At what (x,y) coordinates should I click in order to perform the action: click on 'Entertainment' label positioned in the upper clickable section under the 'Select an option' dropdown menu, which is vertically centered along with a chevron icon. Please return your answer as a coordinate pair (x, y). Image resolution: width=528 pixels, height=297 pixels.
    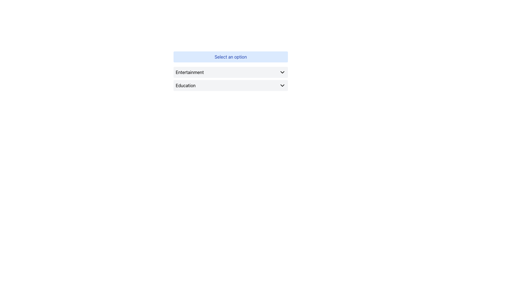
    Looking at the image, I should click on (190, 72).